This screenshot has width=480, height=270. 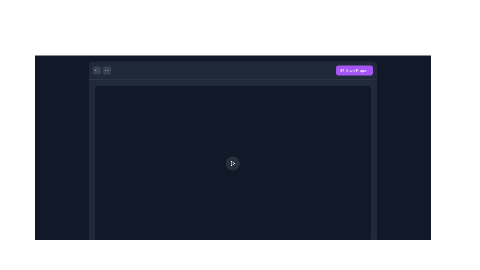 What do you see at coordinates (232, 163) in the screenshot?
I see `the circular button containing the triangular play icon for keyboard navigation` at bounding box center [232, 163].